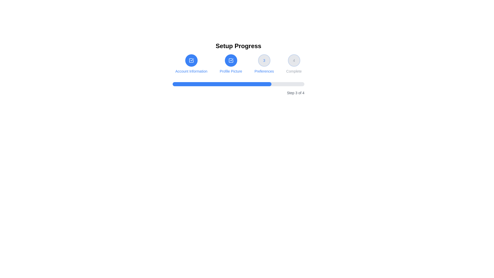 The image size is (494, 278). I want to click on the circular Icon button displaying the number '3', which is part of a sequence on the progress bar, positioned above the 'Preferences' text, so click(264, 60).